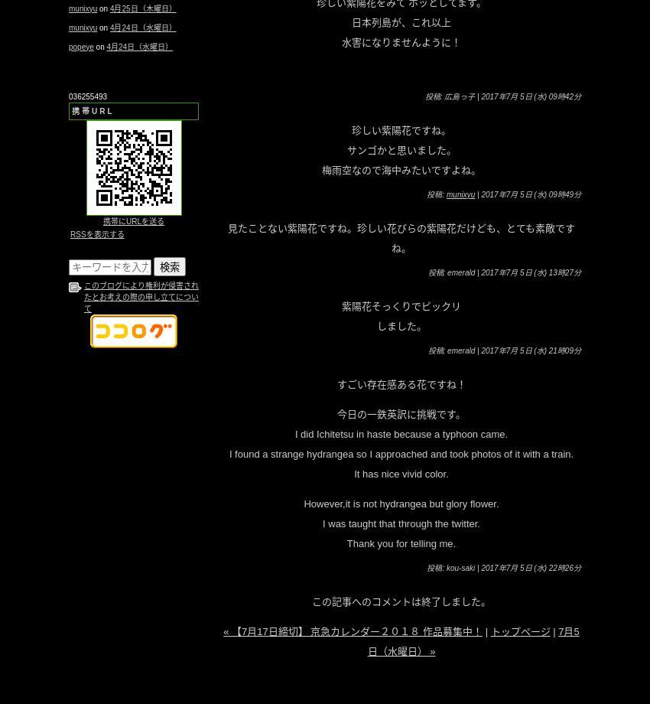 The height and width of the screenshot is (704, 650). I want to click on '| 2017年7月 5日 (水) 09時49分', so click(527, 194).